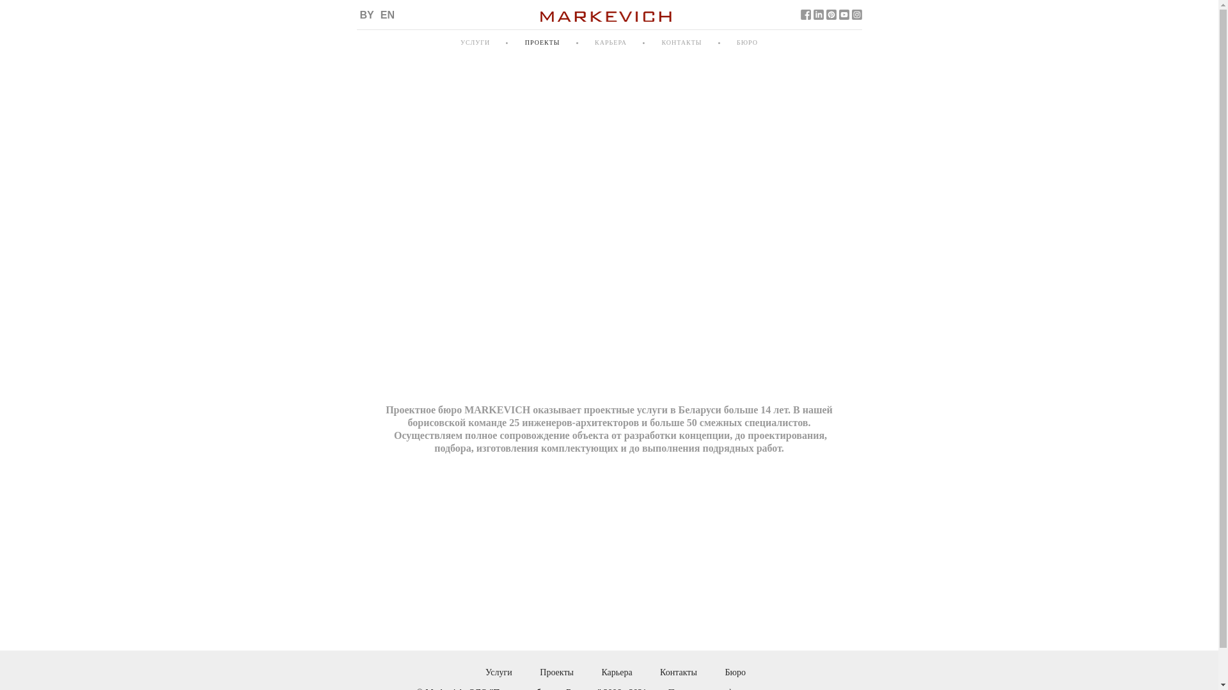 The height and width of the screenshot is (690, 1228). Describe the element at coordinates (366, 15) in the screenshot. I see `'BY'` at that location.